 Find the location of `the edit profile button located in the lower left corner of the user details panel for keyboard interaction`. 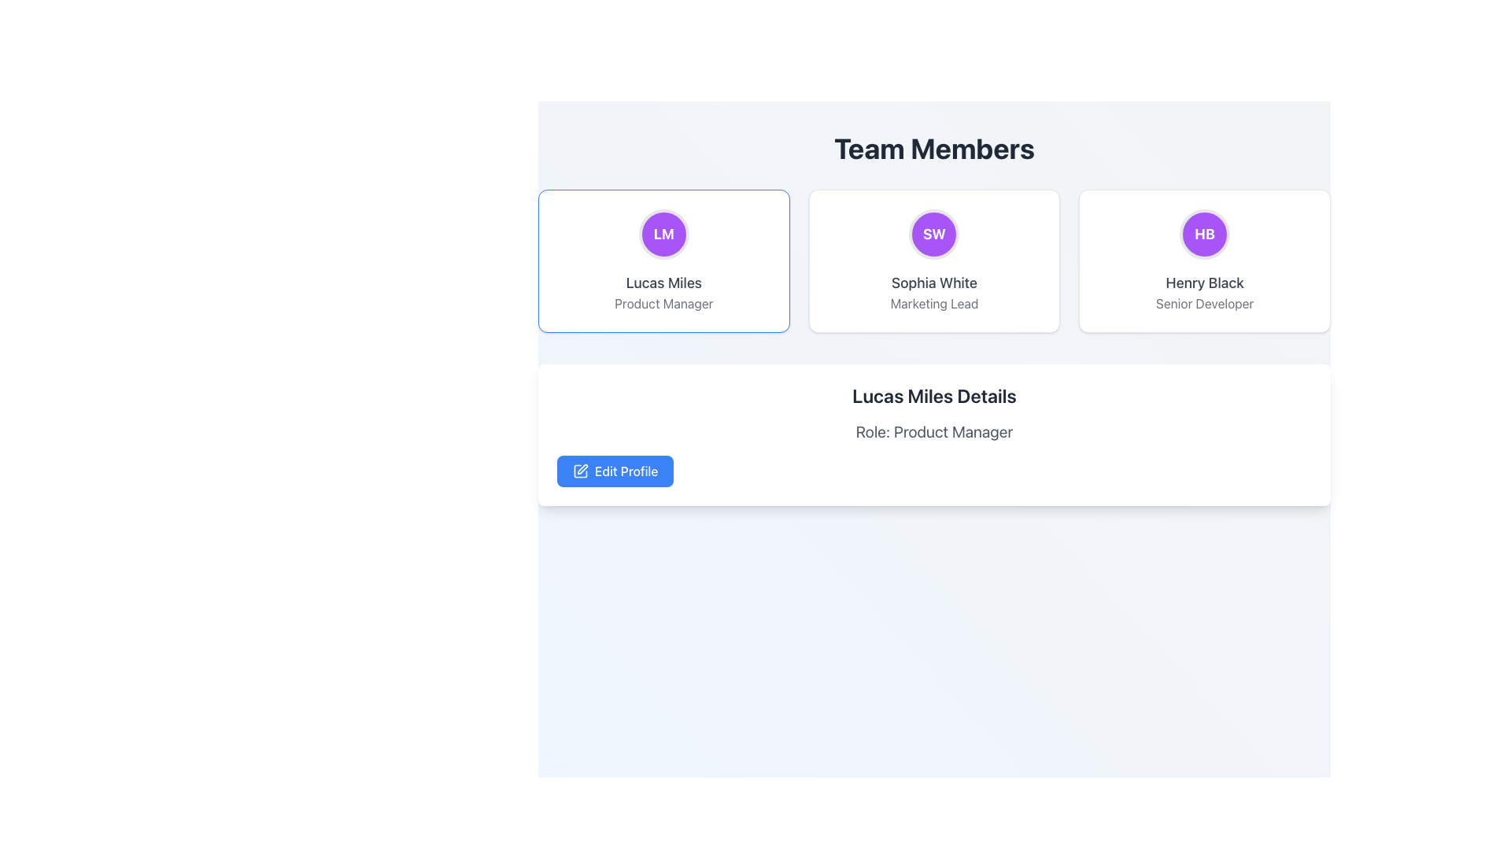

the edit profile button located in the lower left corner of the user details panel for keyboard interaction is located at coordinates (615, 470).